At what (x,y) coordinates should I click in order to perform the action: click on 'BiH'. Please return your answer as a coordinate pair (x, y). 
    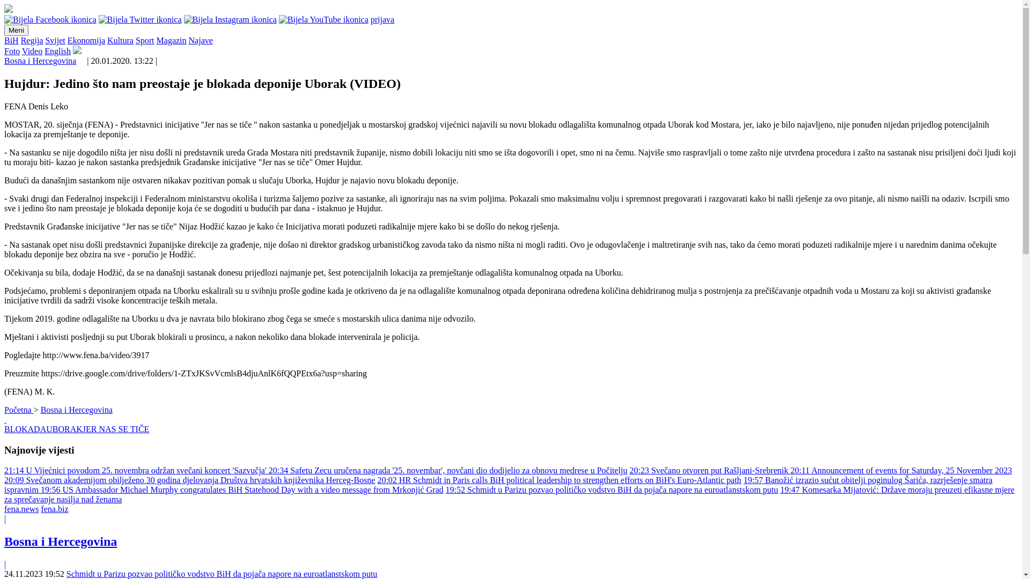
    Looking at the image, I should click on (11, 40).